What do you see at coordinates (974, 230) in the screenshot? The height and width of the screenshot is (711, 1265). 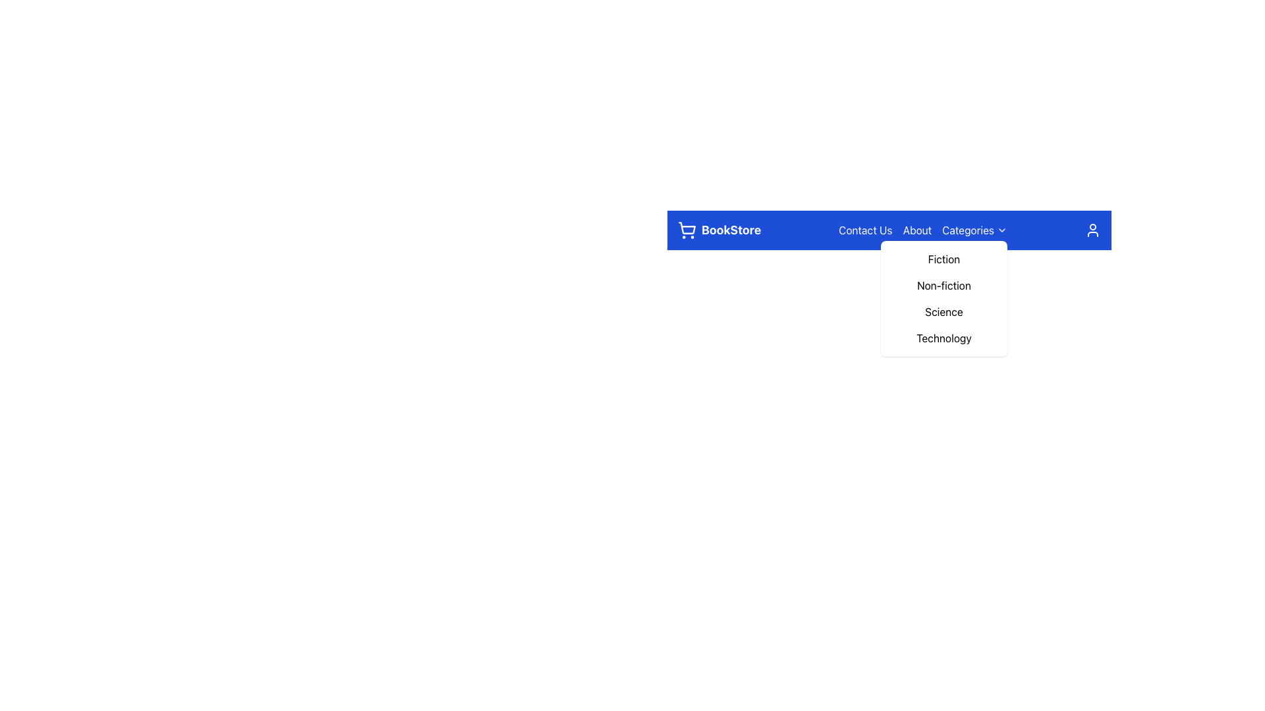 I see `the dropdown menu located on the blue navigation bar towards the right, adjacent to the 'About' menu option` at bounding box center [974, 230].